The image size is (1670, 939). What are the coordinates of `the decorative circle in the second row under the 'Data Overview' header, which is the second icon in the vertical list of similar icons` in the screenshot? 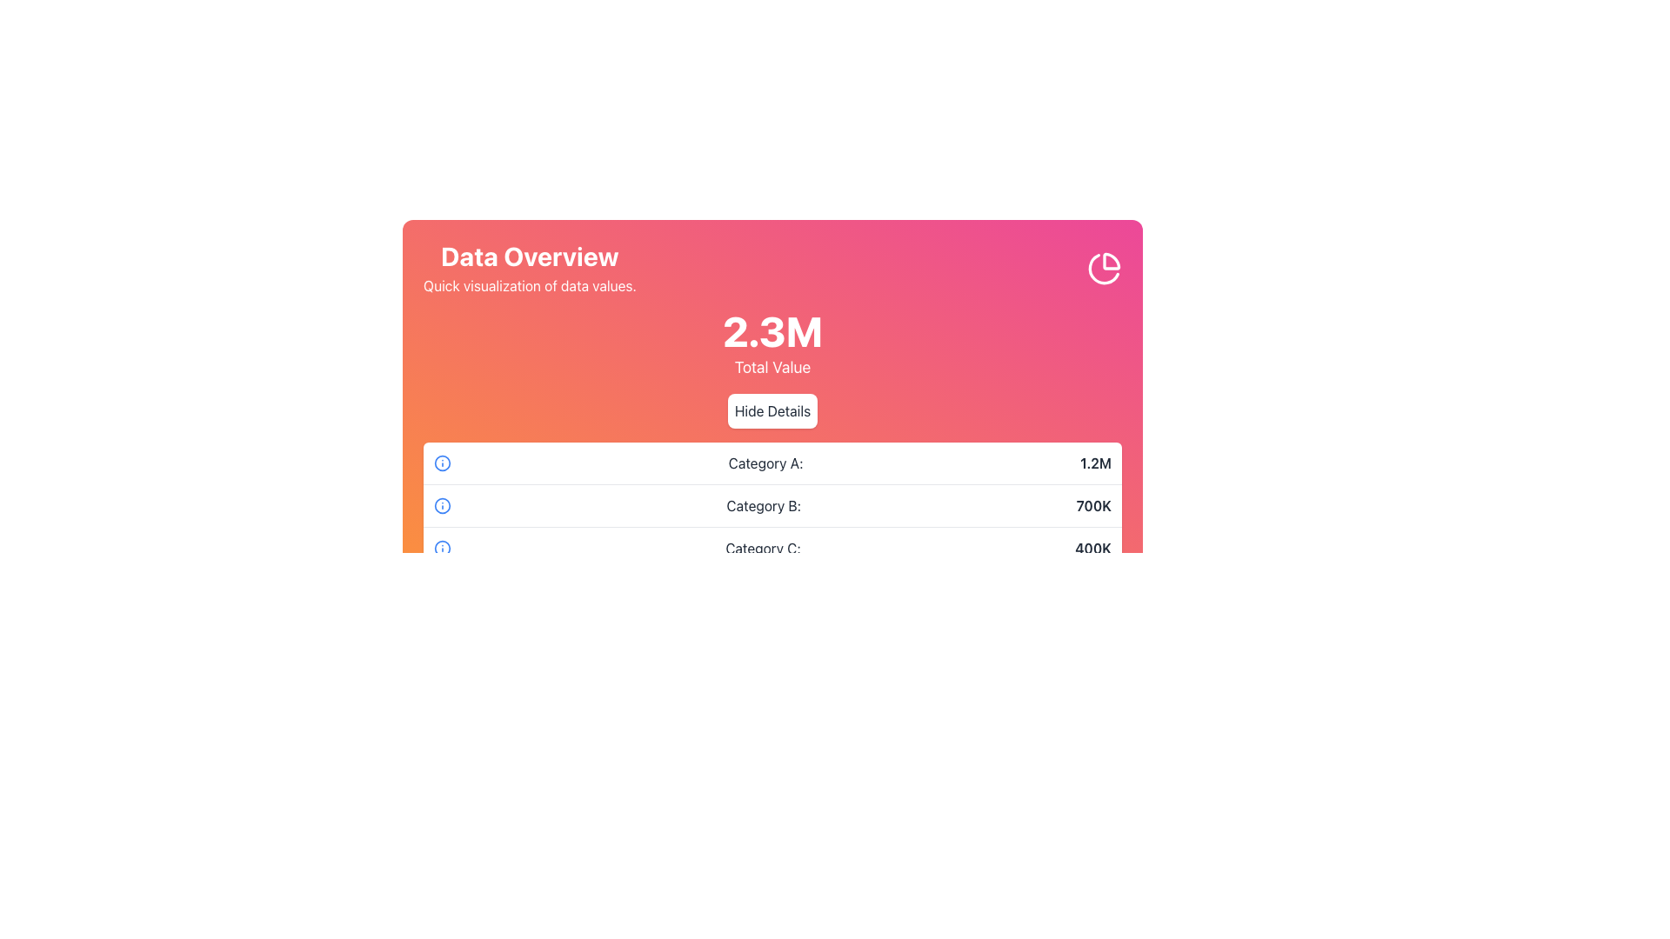 It's located at (442, 506).